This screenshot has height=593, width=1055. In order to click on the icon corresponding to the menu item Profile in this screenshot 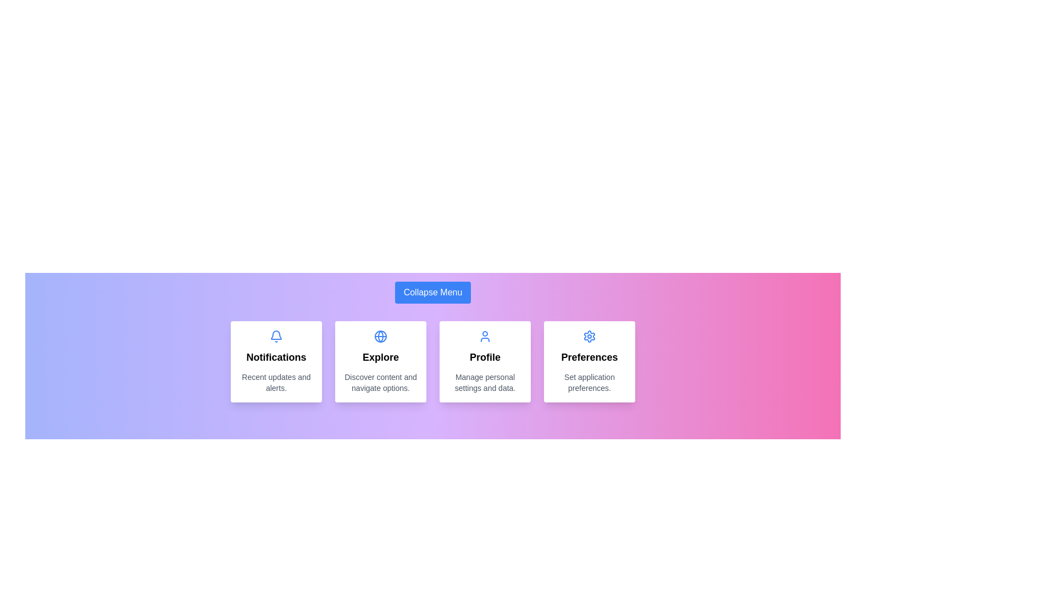, I will do `click(485, 336)`.